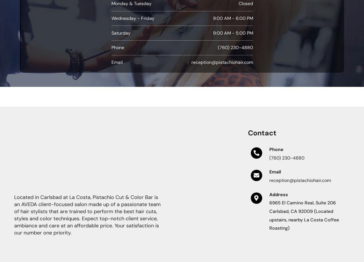  What do you see at coordinates (121, 33) in the screenshot?
I see `'Saturday'` at bounding box center [121, 33].